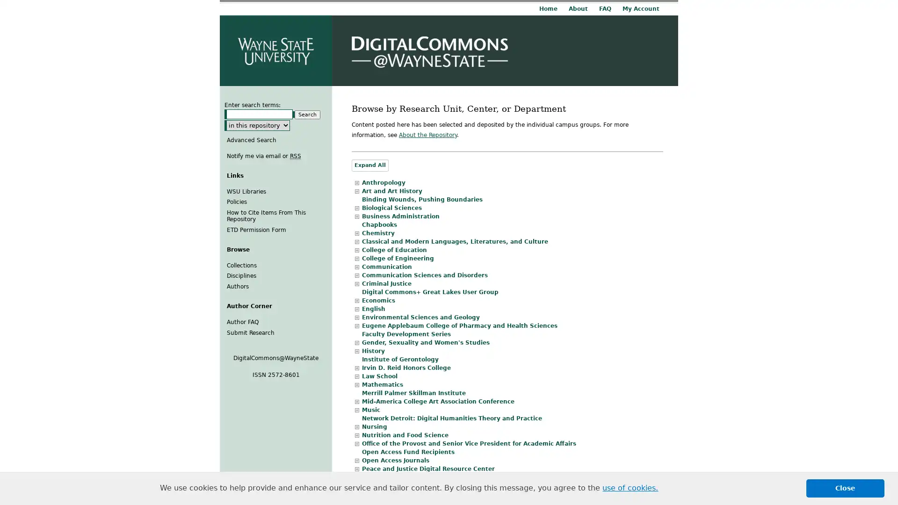  I want to click on dismiss cookie message, so click(845, 488).